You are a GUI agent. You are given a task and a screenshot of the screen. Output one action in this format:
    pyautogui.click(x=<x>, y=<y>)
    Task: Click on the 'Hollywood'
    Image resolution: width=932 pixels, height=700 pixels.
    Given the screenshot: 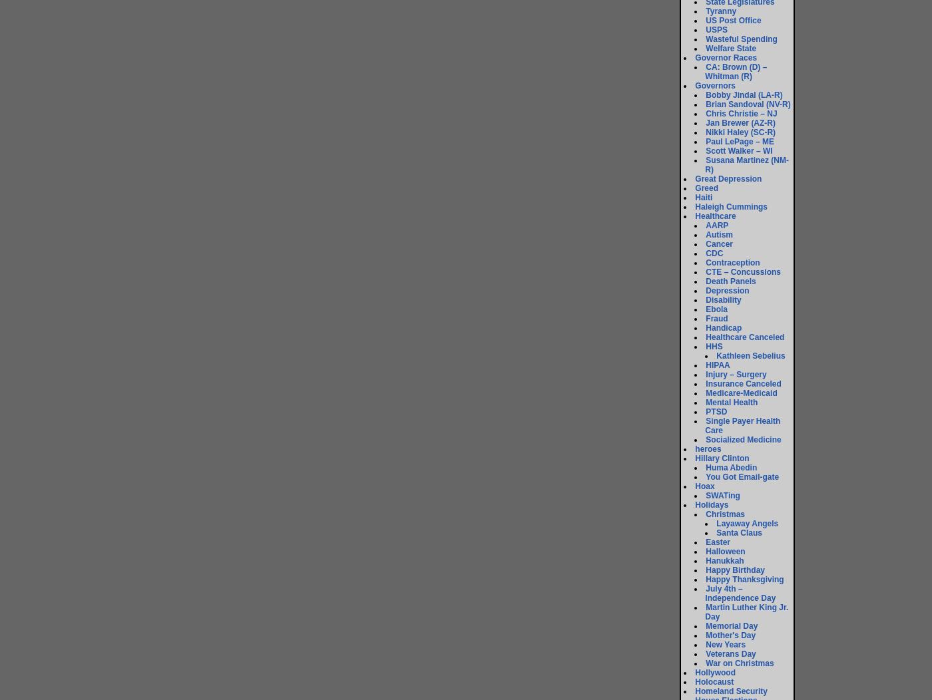 What is the action you would take?
    pyautogui.click(x=694, y=671)
    